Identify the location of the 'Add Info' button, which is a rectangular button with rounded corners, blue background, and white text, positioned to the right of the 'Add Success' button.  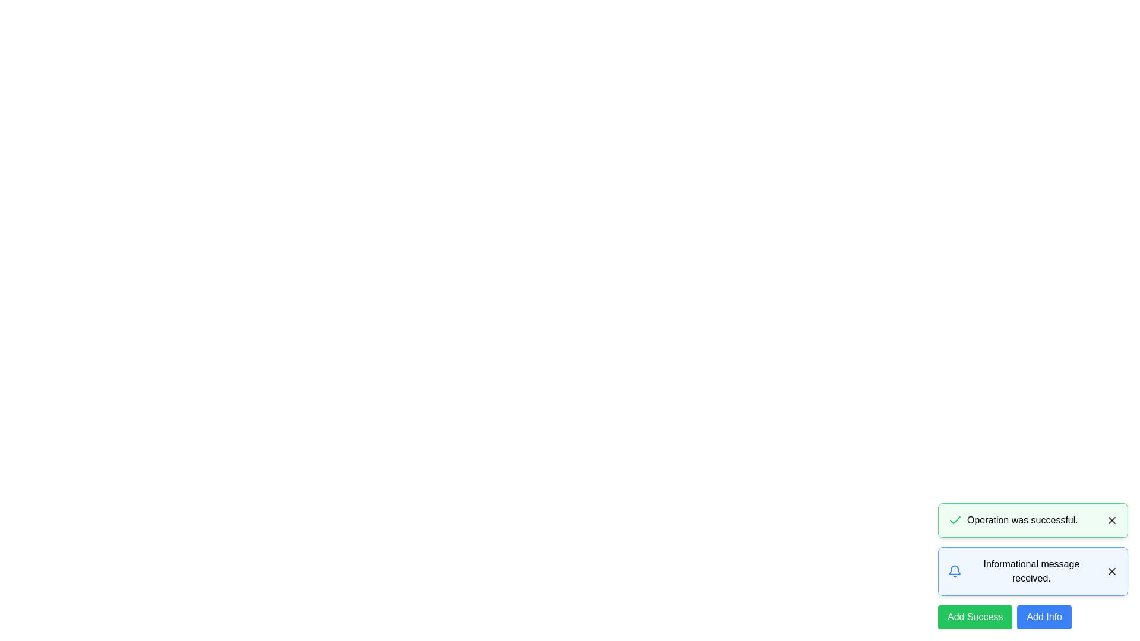
(1044, 617).